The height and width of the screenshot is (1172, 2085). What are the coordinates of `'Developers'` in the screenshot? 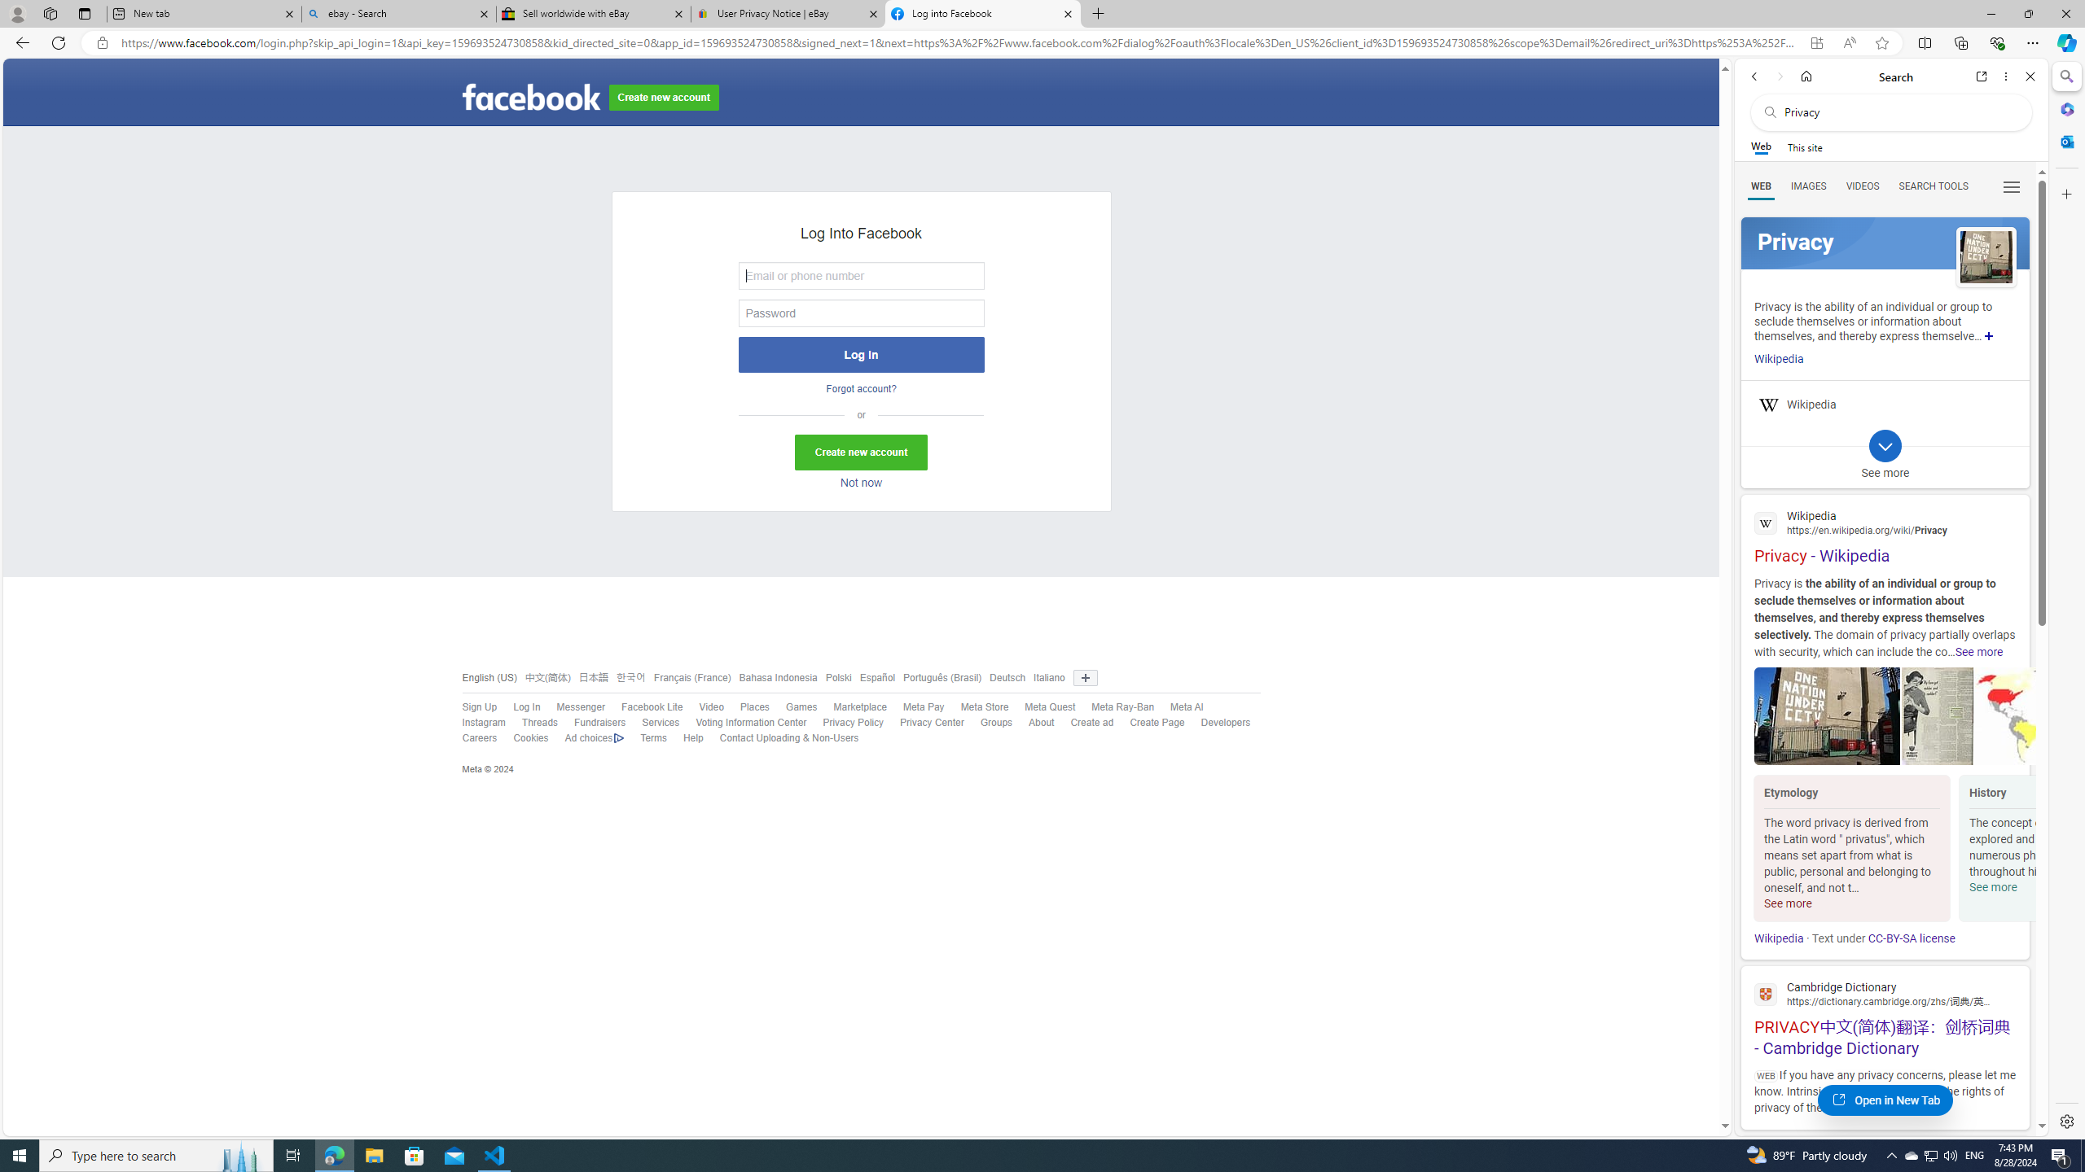 It's located at (1218, 723).